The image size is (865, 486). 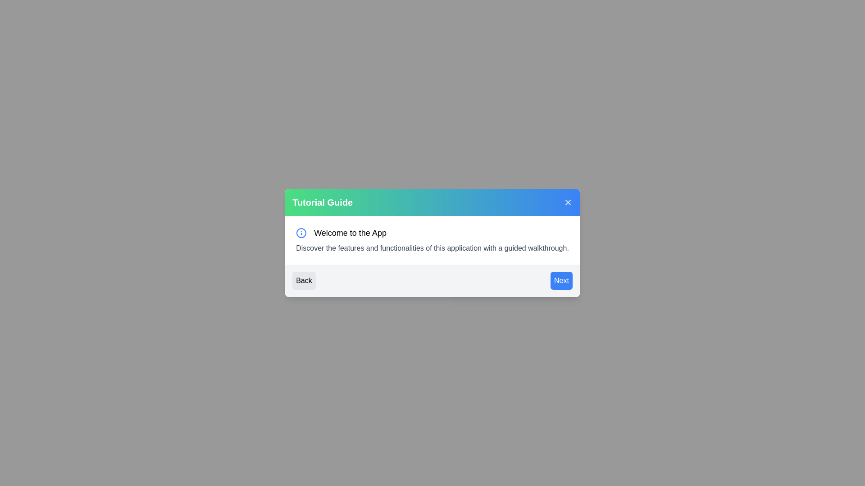 I want to click on the 'Back' button with a light gray background and rounded corners to observe the background change effect, so click(x=304, y=280).